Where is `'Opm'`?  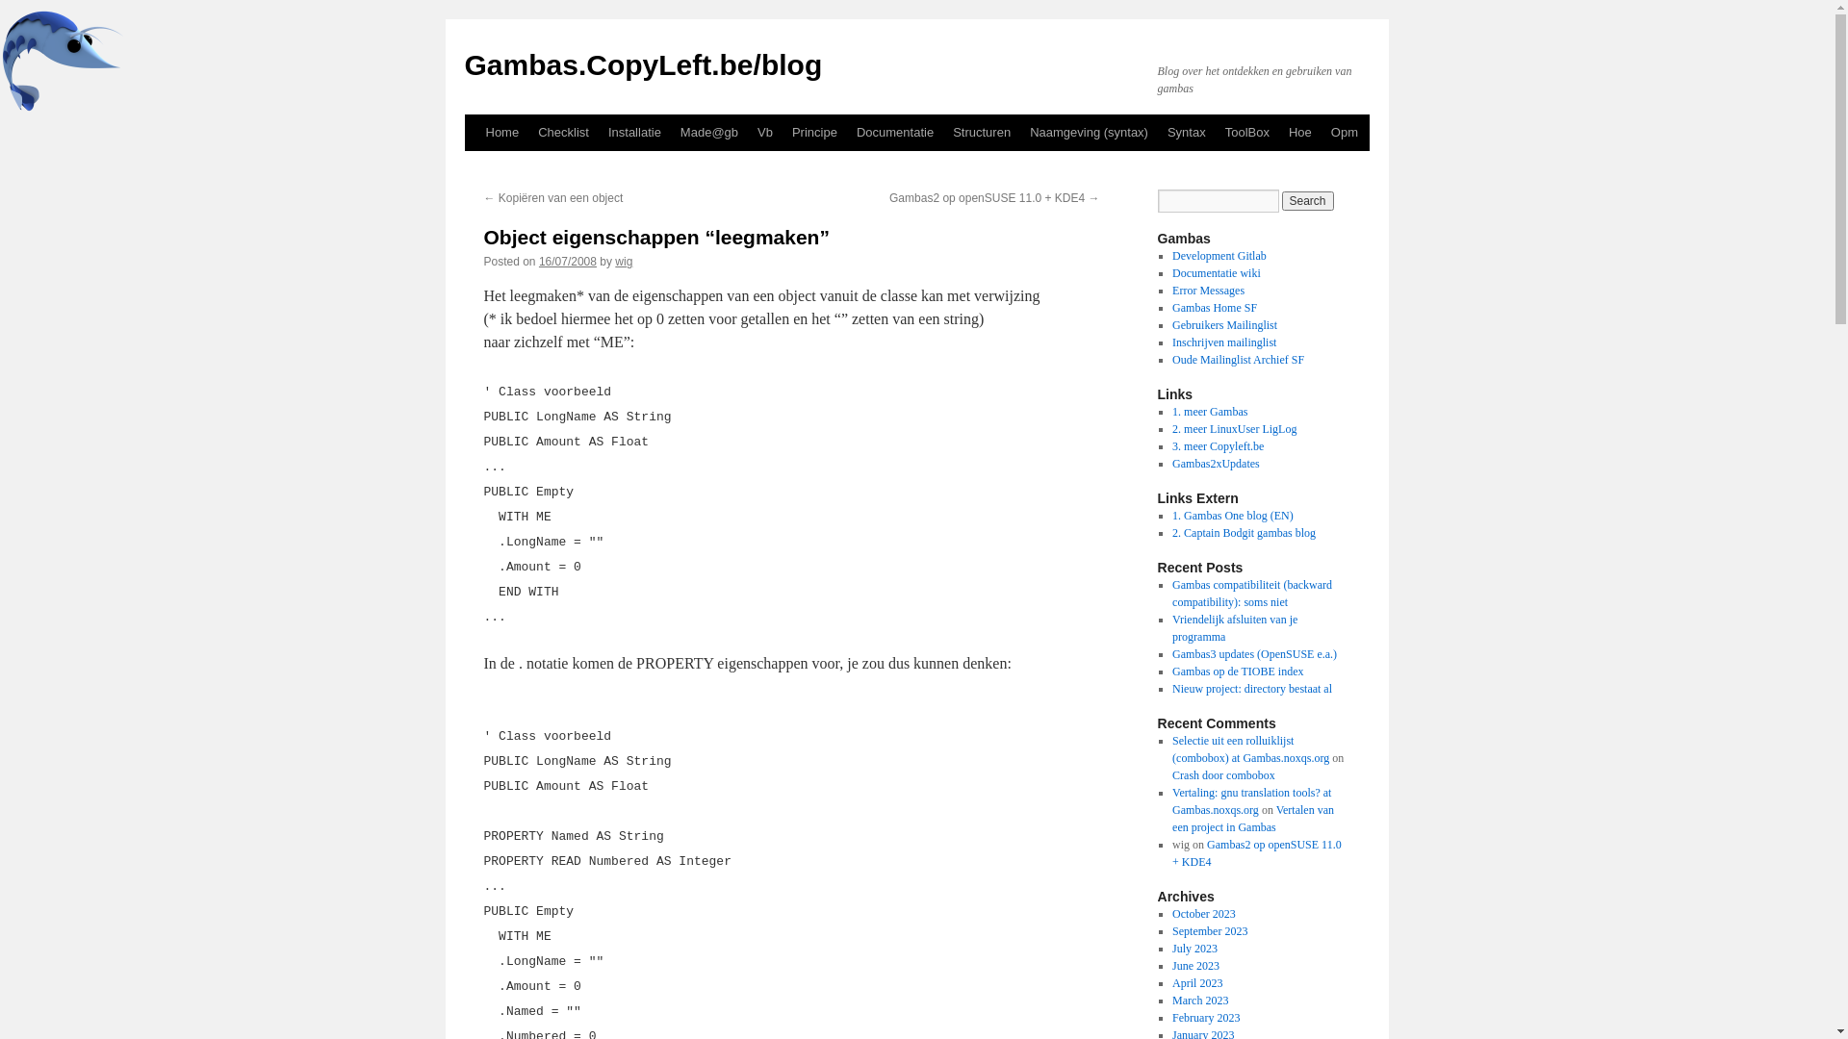 'Opm' is located at coordinates (1320, 132).